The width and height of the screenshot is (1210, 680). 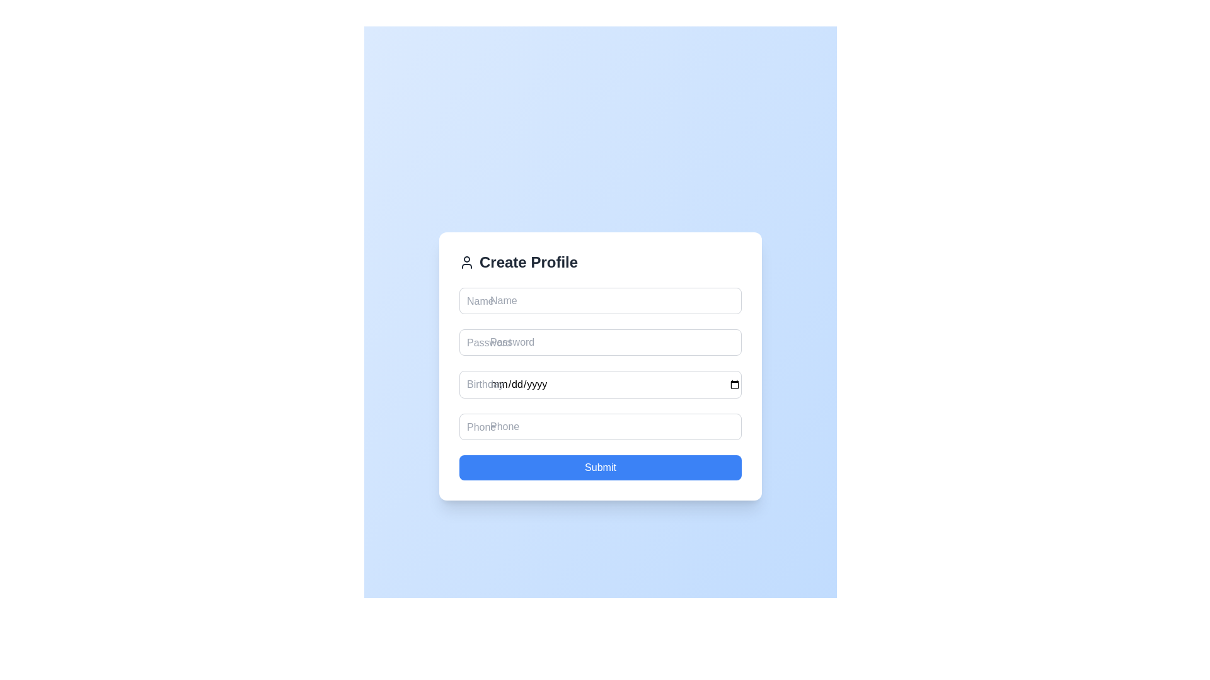 What do you see at coordinates (466, 261) in the screenshot?
I see `the decorative SVG icon located to the left of the 'Create Profile' text in the header section of the form` at bounding box center [466, 261].